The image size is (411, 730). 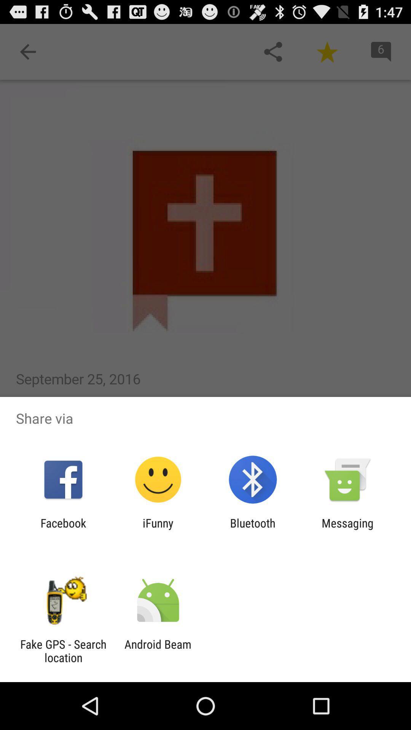 I want to click on the app to the left of the ifunny item, so click(x=63, y=529).